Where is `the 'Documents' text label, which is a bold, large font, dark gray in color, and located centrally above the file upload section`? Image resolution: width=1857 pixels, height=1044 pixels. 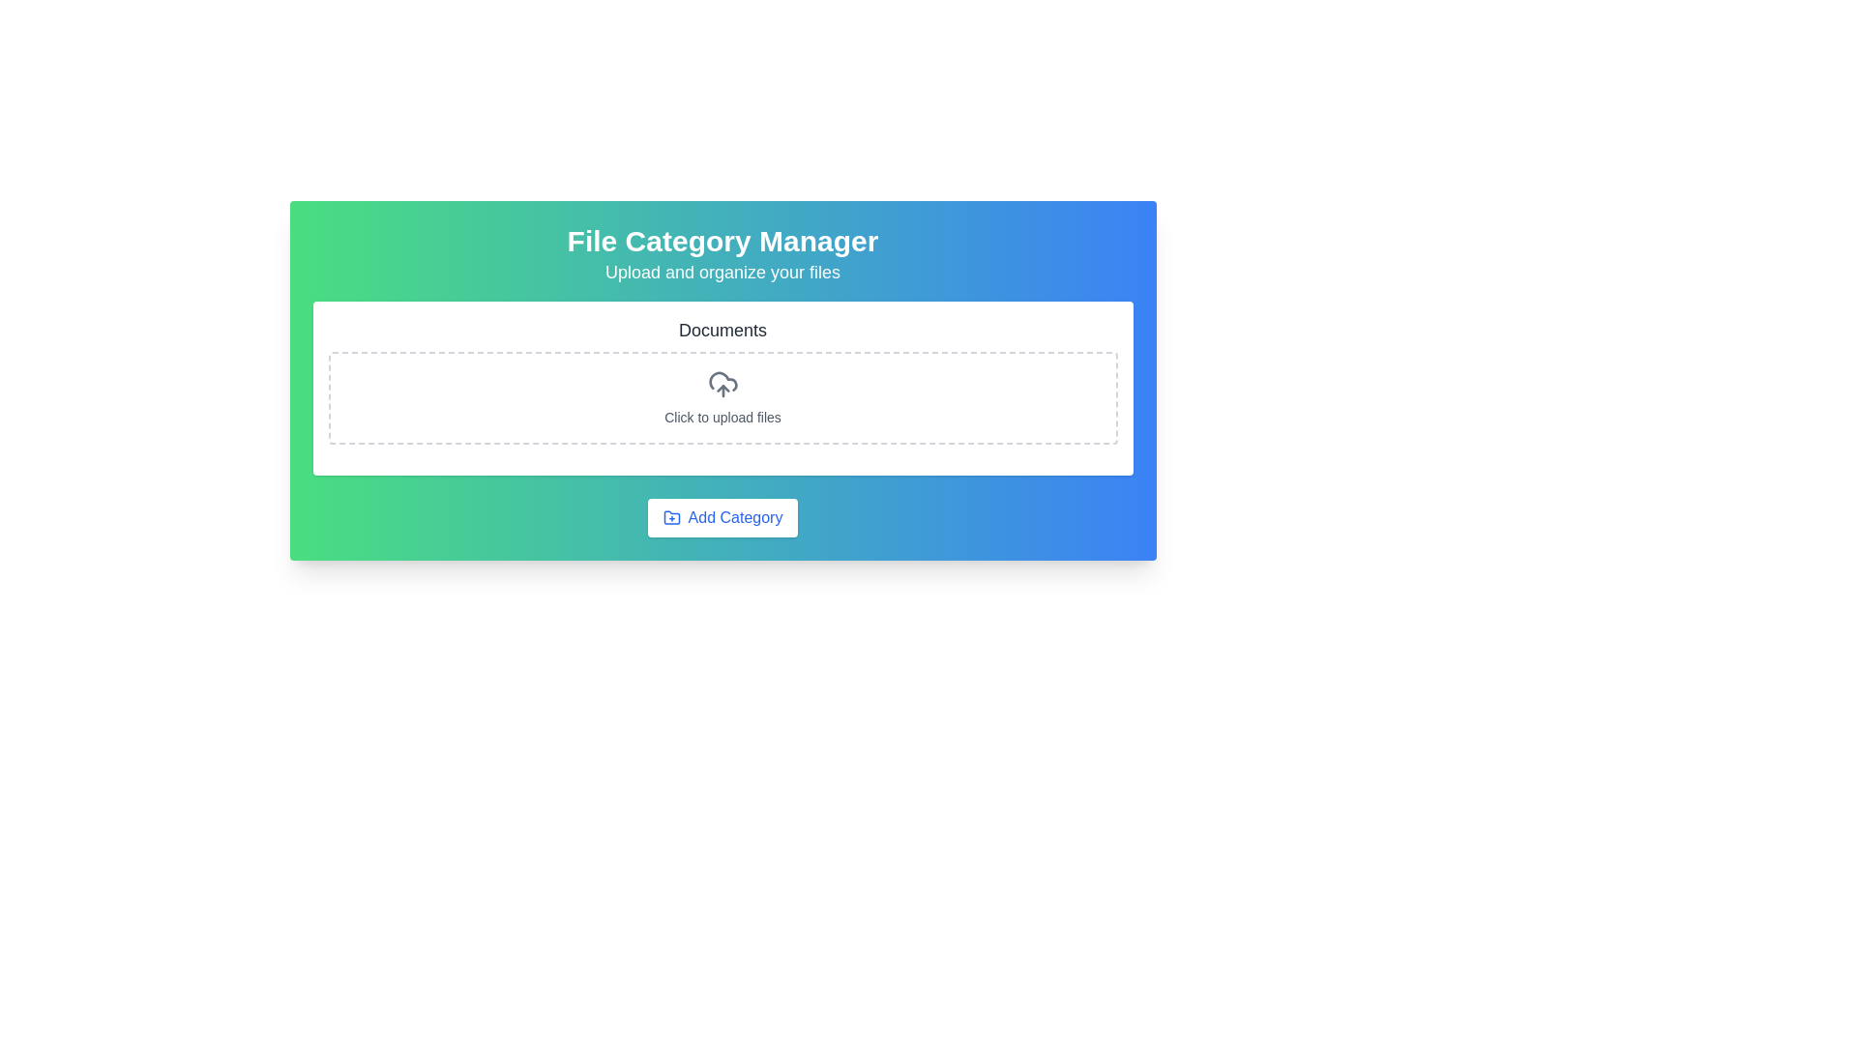
the 'Documents' text label, which is a bold, large font, dark gray in color, and located centrally above the file upload section is located at coordinates (722, 330).